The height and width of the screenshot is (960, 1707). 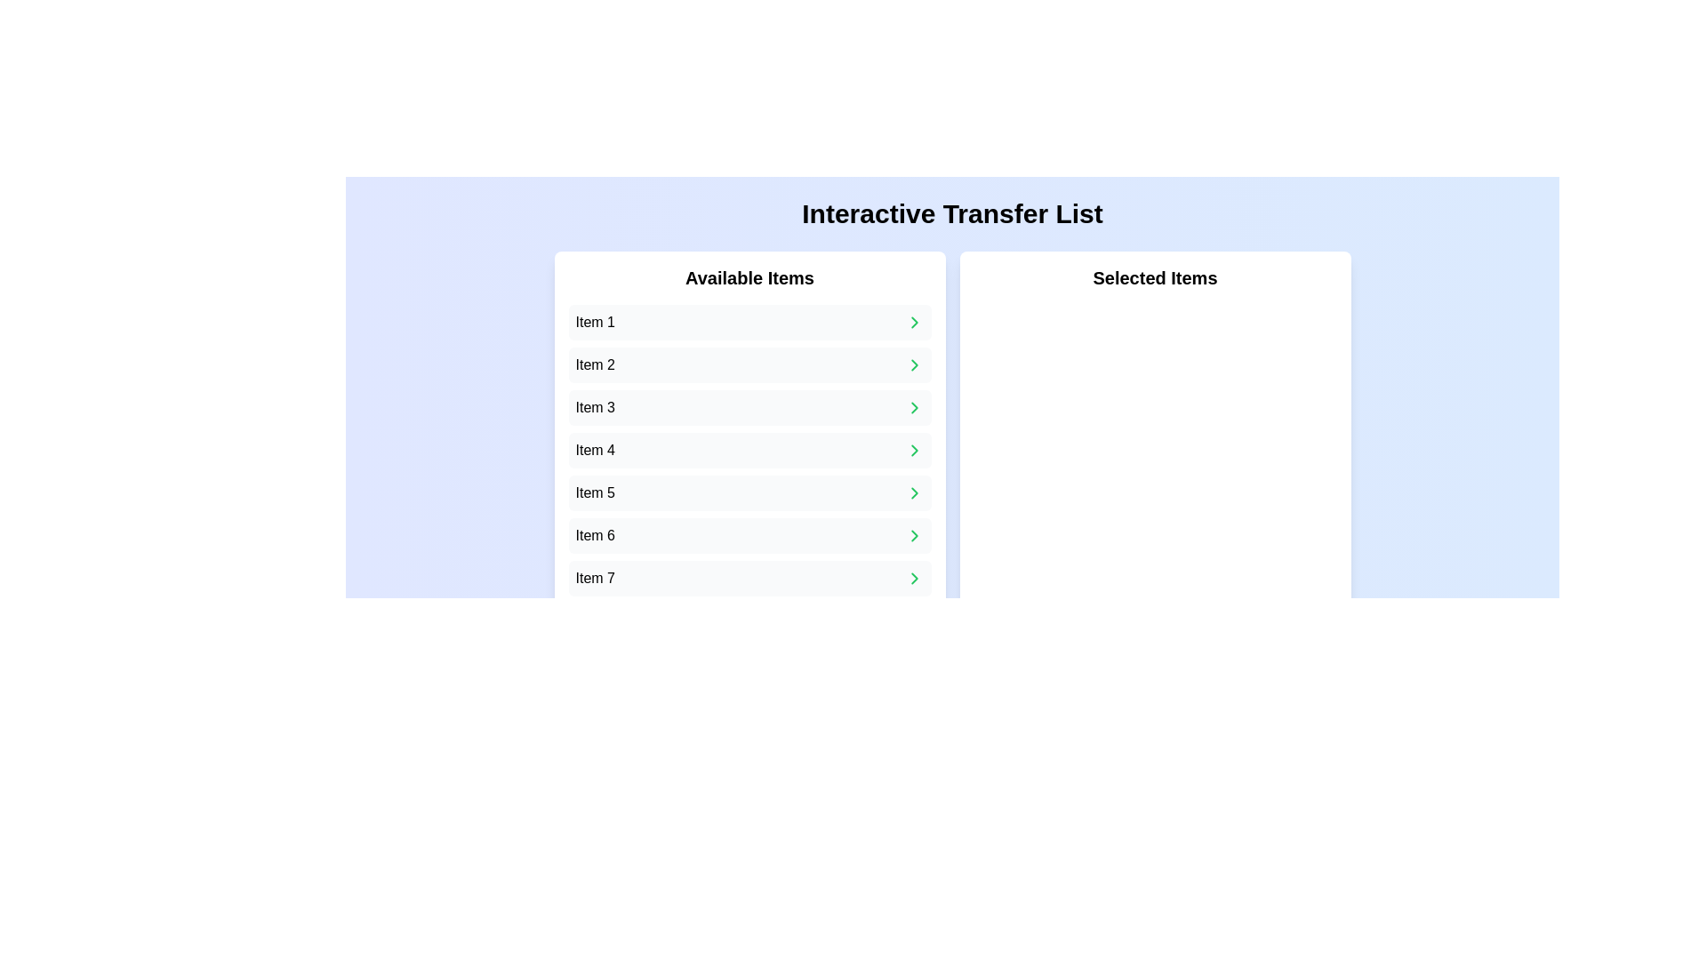 I want to click on the Icon Button inside the card representing 'Item 7' at the bottom of the 'Available Items' list to change its visual style, so click(x=914, y=579).